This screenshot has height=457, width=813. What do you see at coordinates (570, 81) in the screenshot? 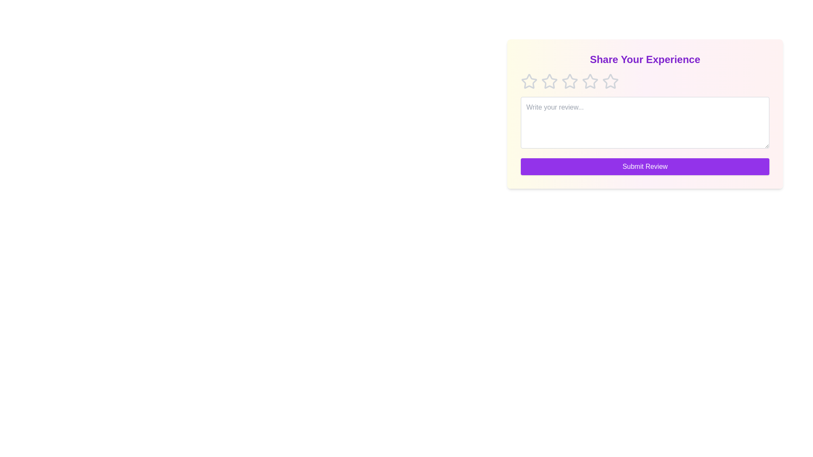
I see `the star corresponding to the rating 3` at bounding box center [570, 81].